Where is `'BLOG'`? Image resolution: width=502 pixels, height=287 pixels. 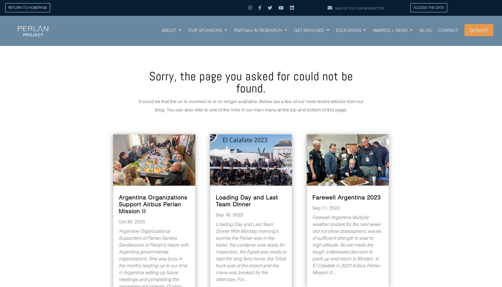
'BLOG' is located at coordinates (426, 30).